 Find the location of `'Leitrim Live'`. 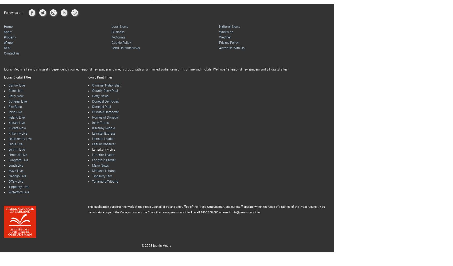

'Leitrim Live' is located at coordinates (9, 149).